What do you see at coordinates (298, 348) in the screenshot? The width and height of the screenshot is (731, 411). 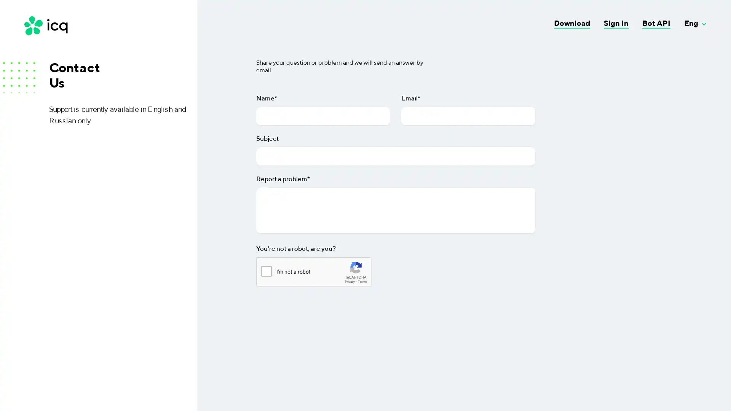 I see `Send` at bounding box center [298, 348].